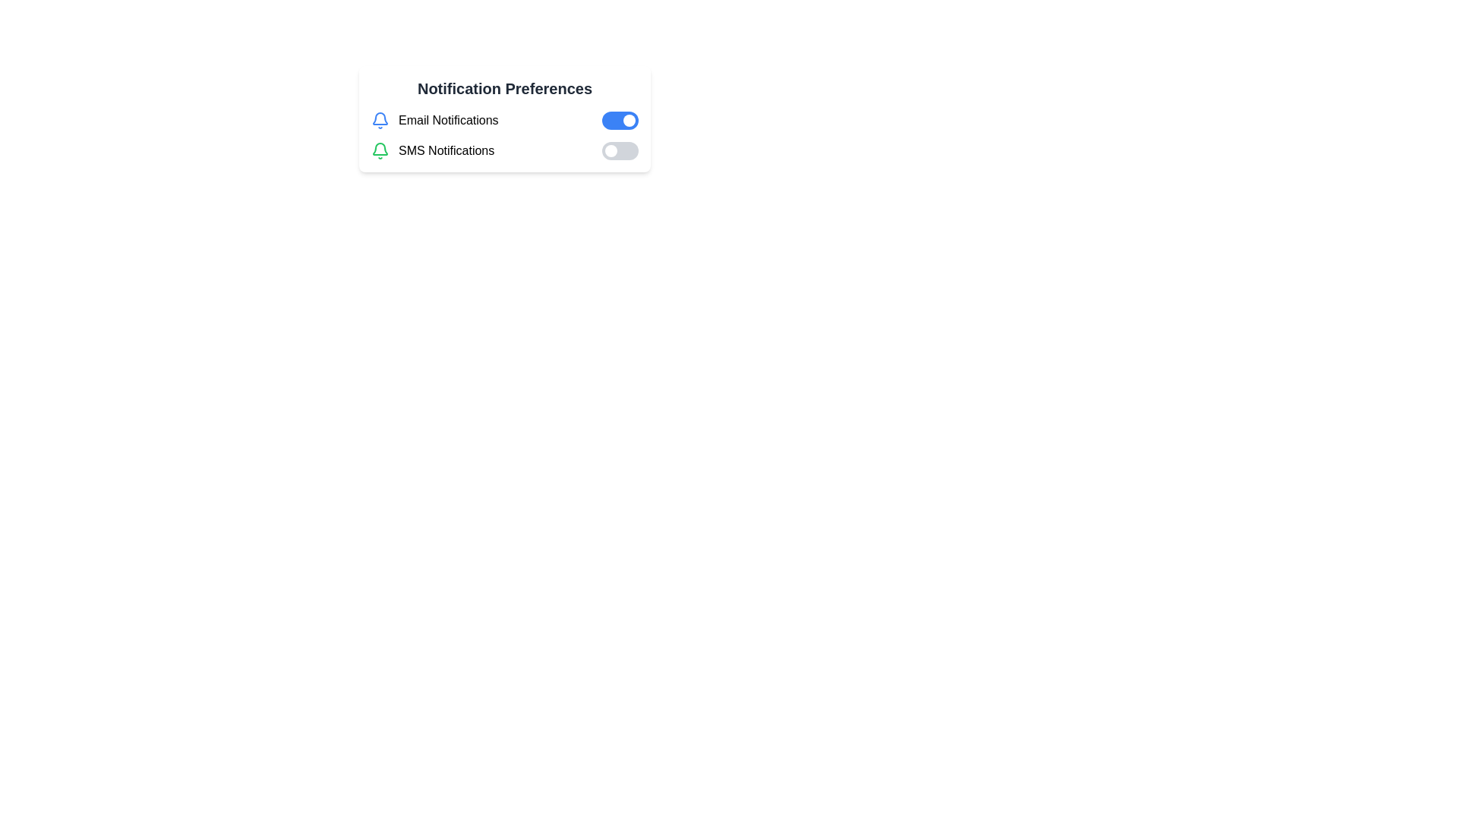 This screenshot has width=1458, height=820. Describe the element at coordinates (380, 151) in the screenshot. I see `the green bell icon located to the left of the 'SMS Notifications' text for information` at that location.